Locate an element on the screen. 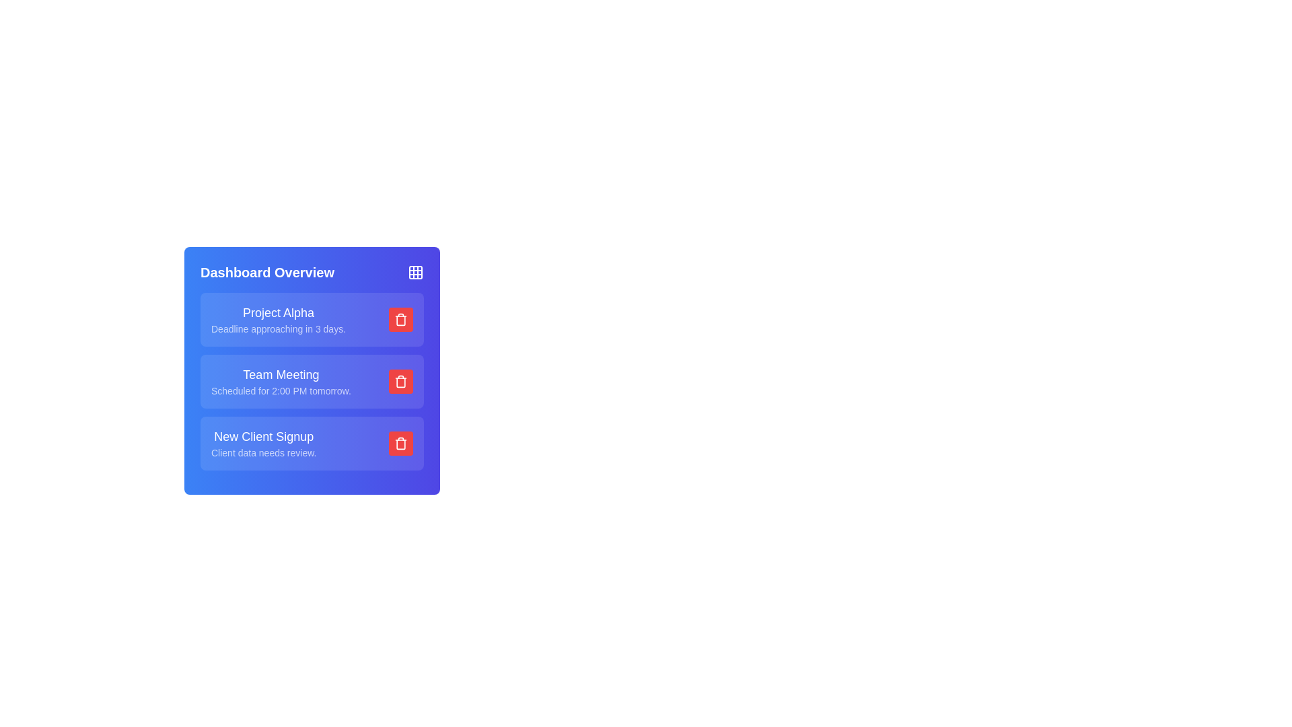 This screenshot has height=727, width=1292. the grid icon with a blue background in the upper-right corner of the 'Dashboard Overview' section is located at coordinates (415, 273).